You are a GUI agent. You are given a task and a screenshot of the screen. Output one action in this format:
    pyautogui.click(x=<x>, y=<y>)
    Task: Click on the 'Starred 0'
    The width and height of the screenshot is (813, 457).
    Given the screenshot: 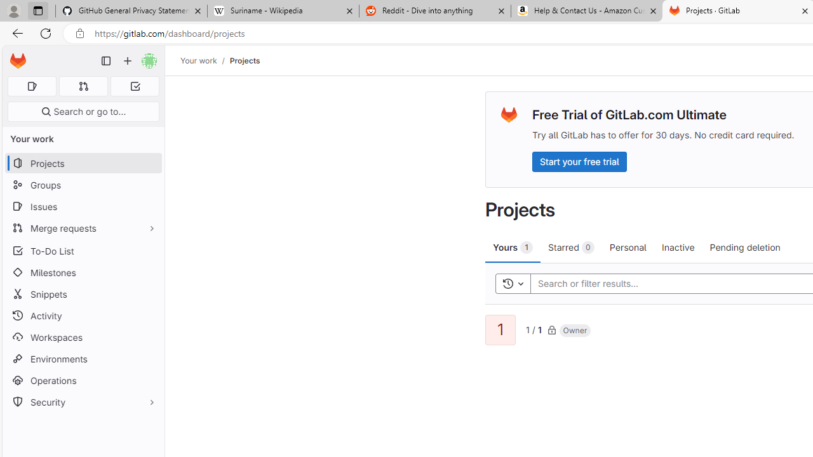 What is the action you would take?
    pyautogui.click(x=570, y=247)
    